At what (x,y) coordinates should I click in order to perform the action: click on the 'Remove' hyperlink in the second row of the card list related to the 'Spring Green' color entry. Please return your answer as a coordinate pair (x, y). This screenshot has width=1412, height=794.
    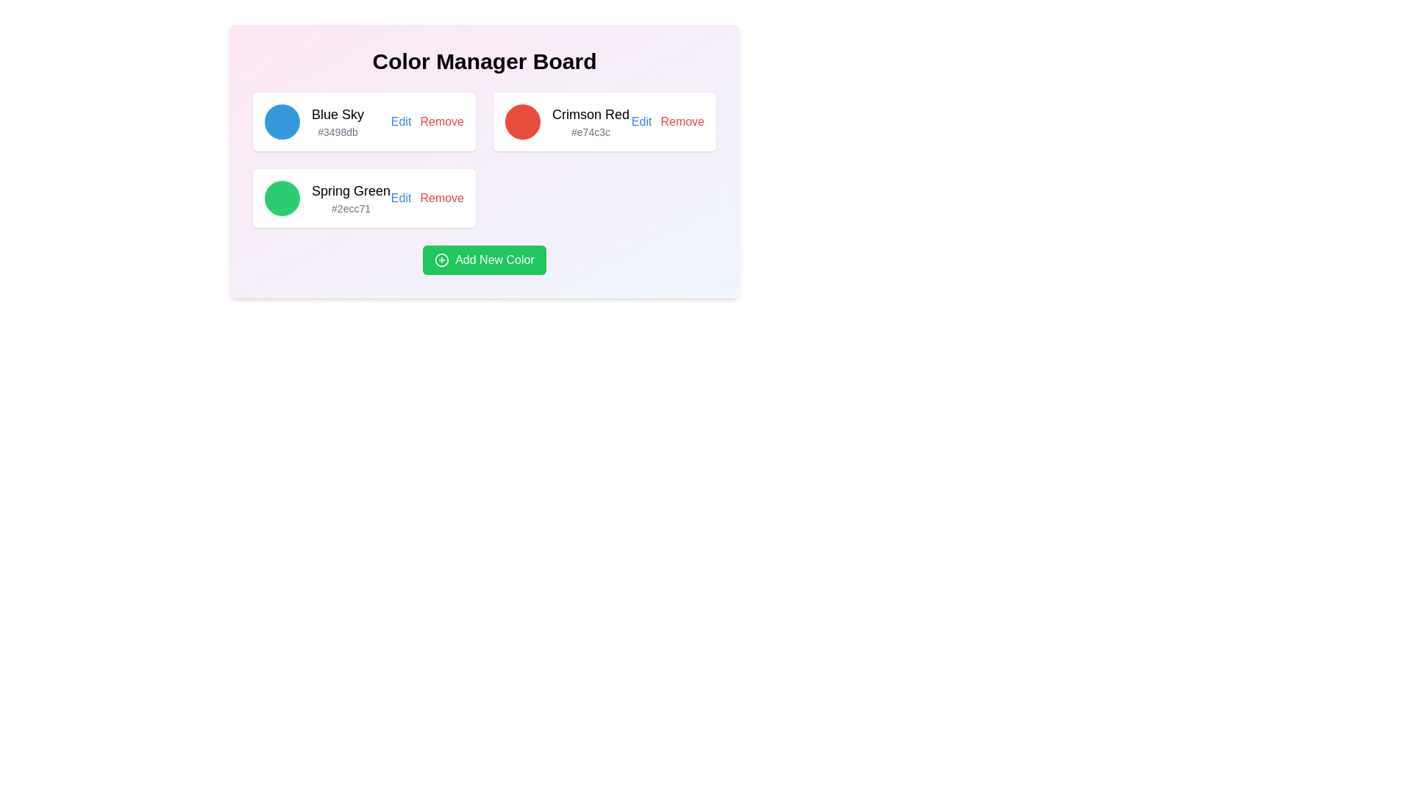
    Looking at the image, I should click on (441, 198).